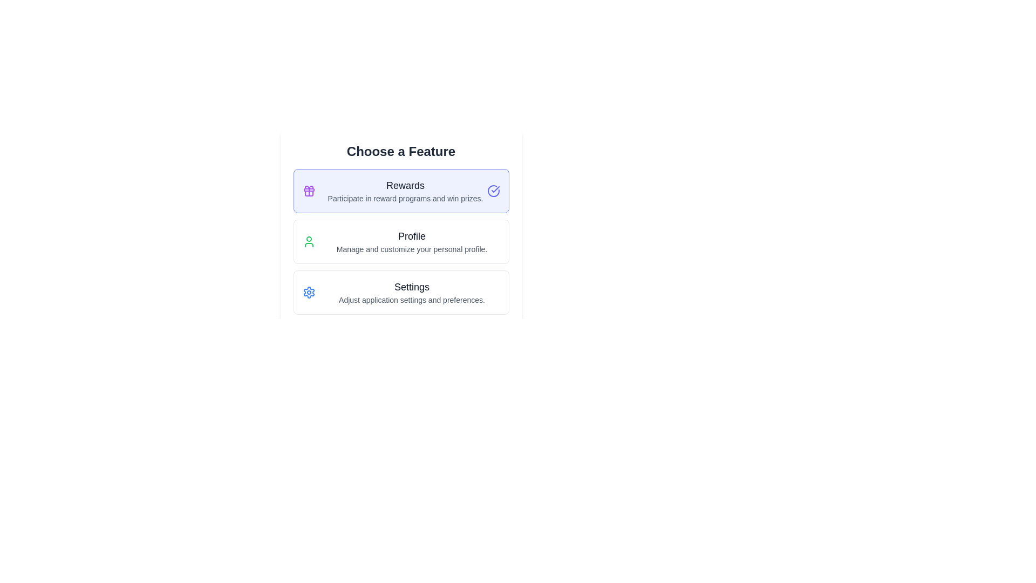 The image size is (1036, 583). I want to click on the Header text element that serves as a title for the subsequent list of features, indicating the context and purpose of the list, so click(400, 152).